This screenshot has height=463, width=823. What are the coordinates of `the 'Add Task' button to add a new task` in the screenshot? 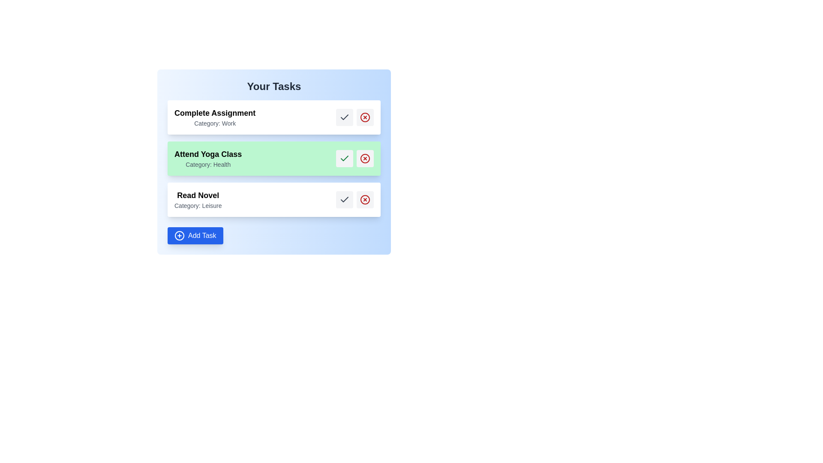 It's located at (195, 236).